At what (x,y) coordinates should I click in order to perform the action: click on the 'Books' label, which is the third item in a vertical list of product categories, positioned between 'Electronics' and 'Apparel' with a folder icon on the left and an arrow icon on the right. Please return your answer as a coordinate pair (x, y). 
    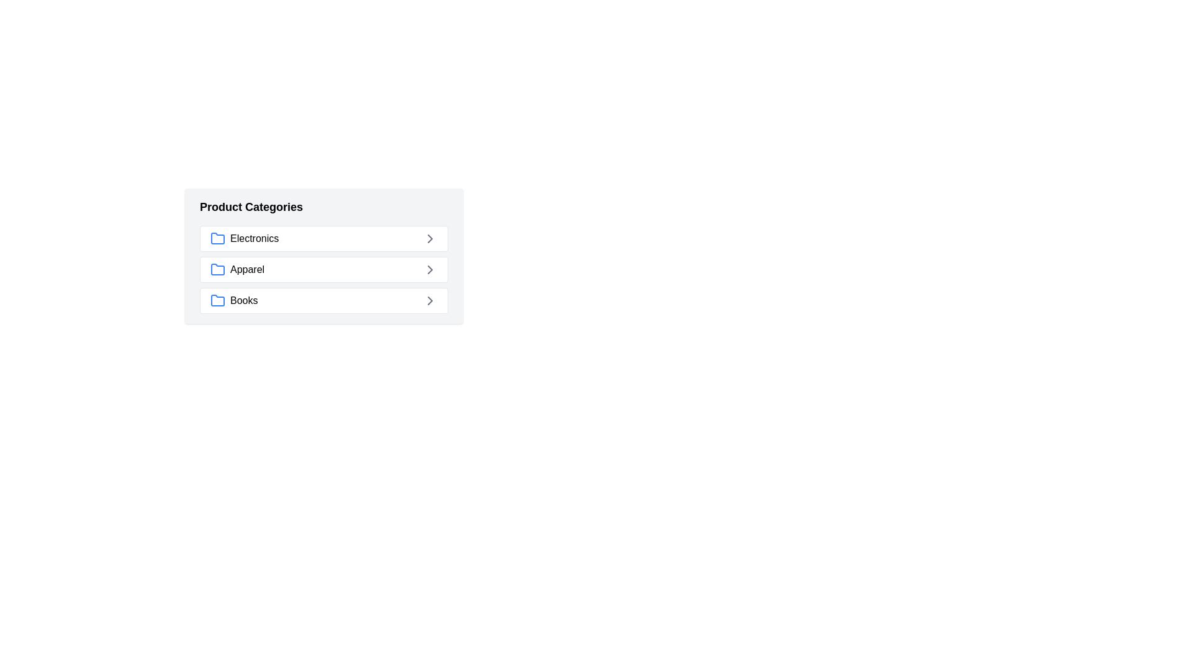
    Looking at the image, I should click on (244, 301).